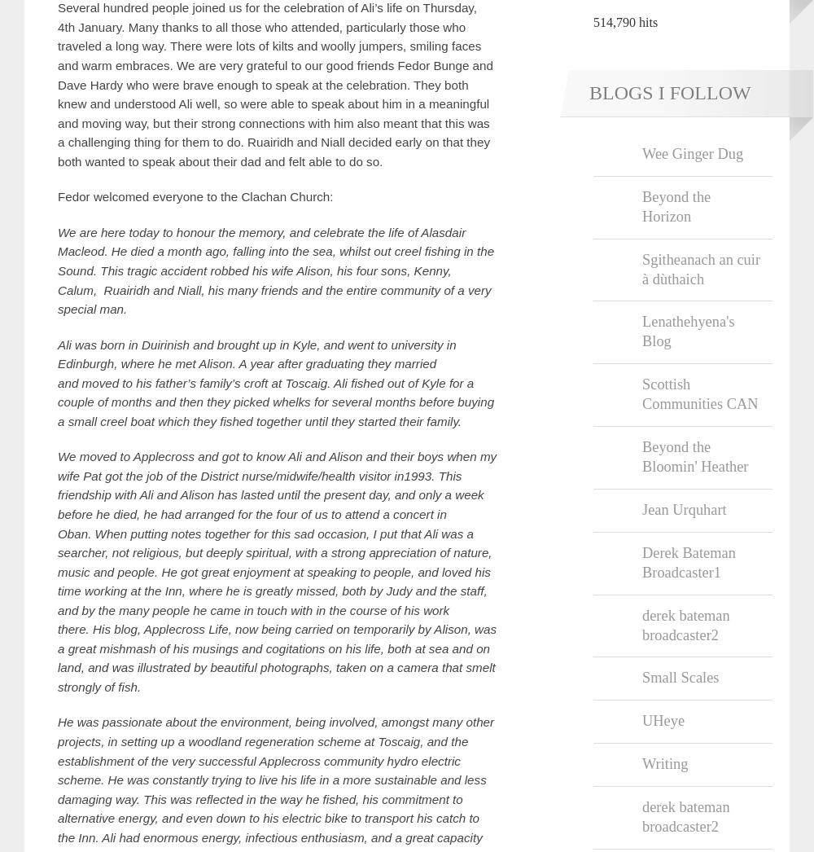  Describe the element at coordinates (57, 270) in the screenshot. I see `'We are here today to honour the memory, and celebrate the life of Alasdair Macleod. He died a month ago, falling into the sea, whilst out creel fishing in the Sound. This tragic accident robbed his wife Alison, his four sons, Kenny, Calum,  Ruairidh and Niall, his many friends and the entire community of a very special man.'` at that location.